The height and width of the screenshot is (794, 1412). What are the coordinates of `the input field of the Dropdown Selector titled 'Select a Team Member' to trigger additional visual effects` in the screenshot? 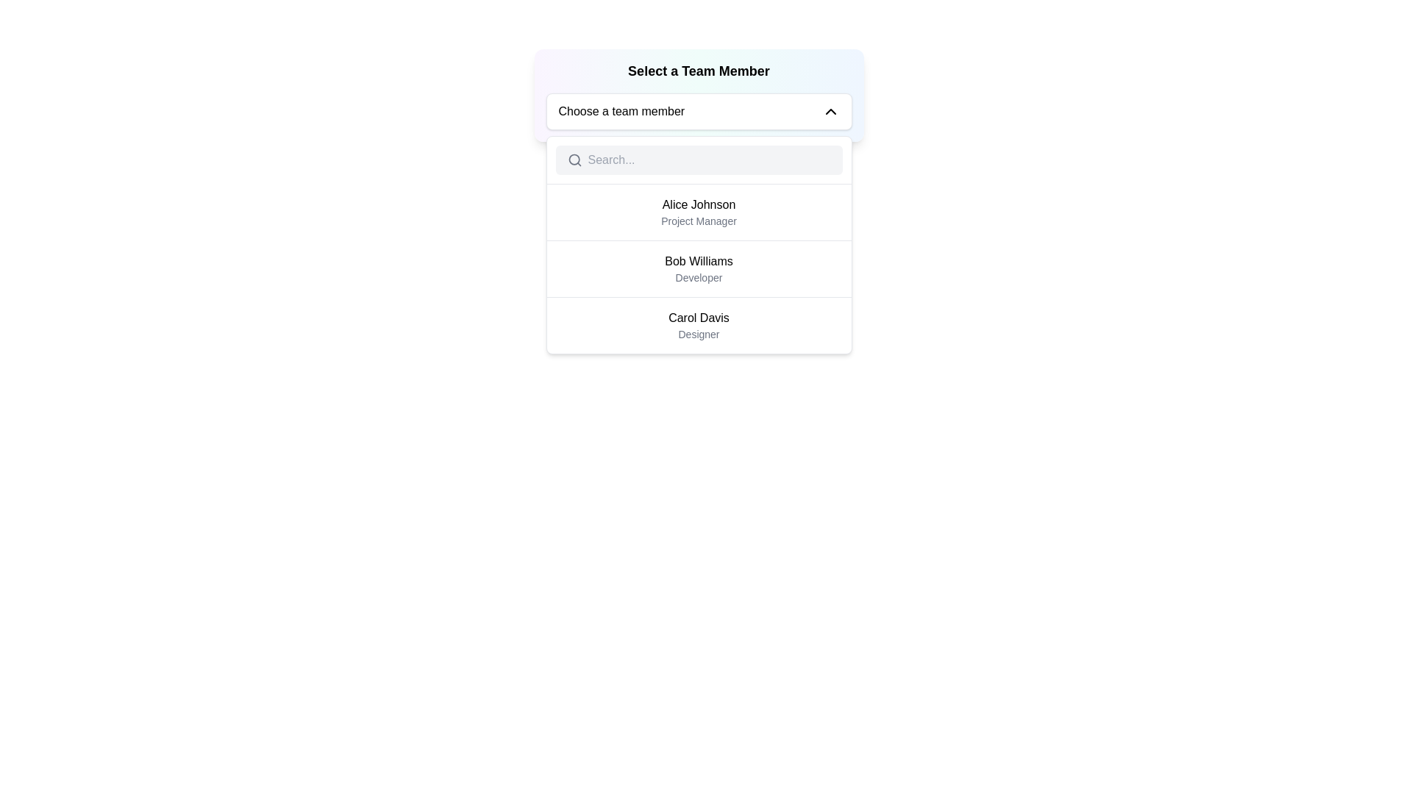 It's located at (698, 96).